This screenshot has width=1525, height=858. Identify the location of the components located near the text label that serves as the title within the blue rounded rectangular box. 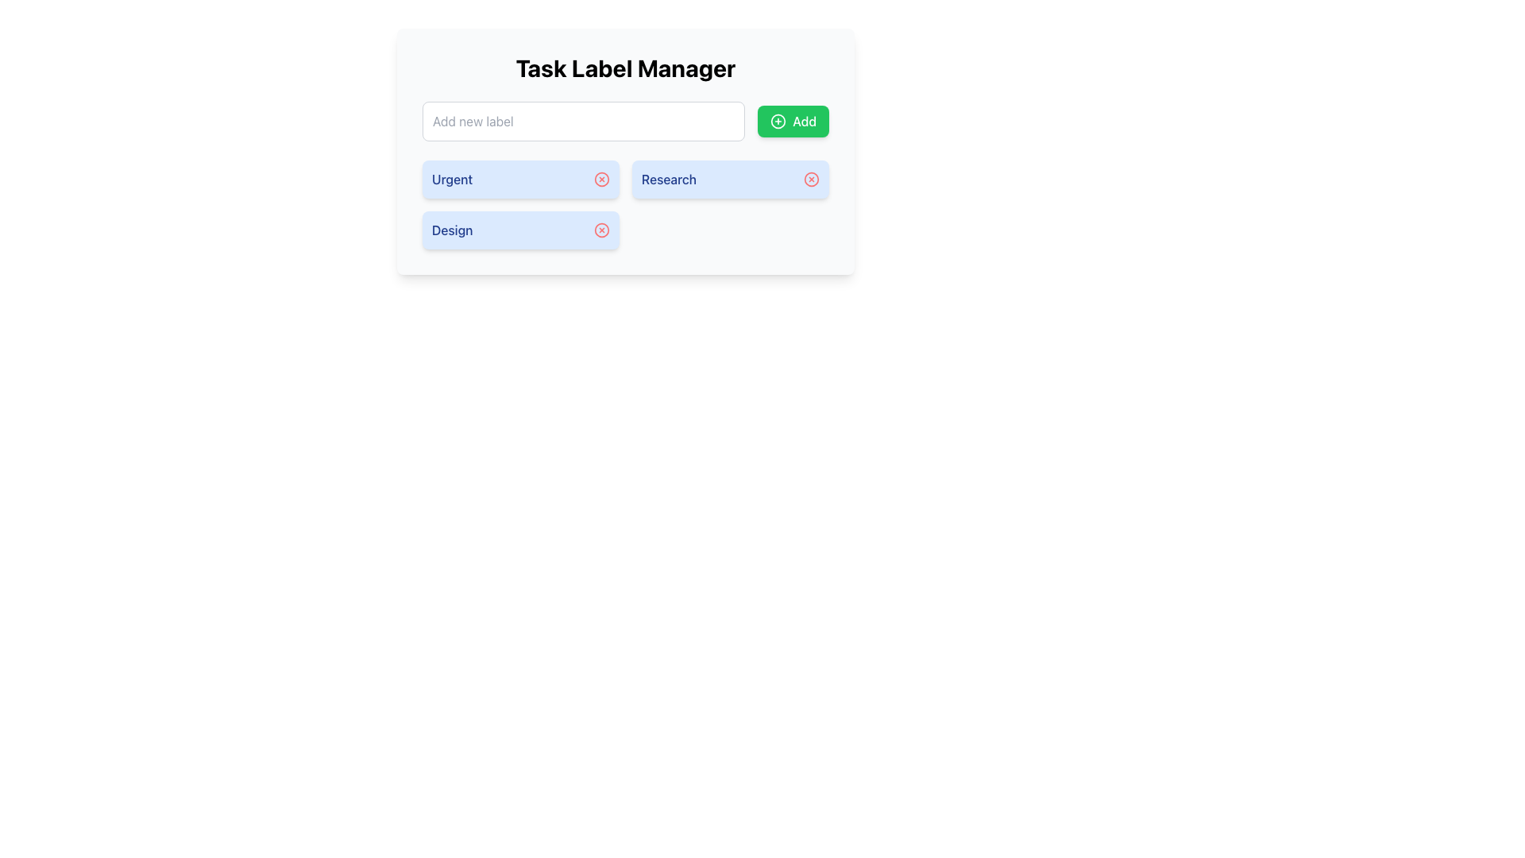
(451, 230).